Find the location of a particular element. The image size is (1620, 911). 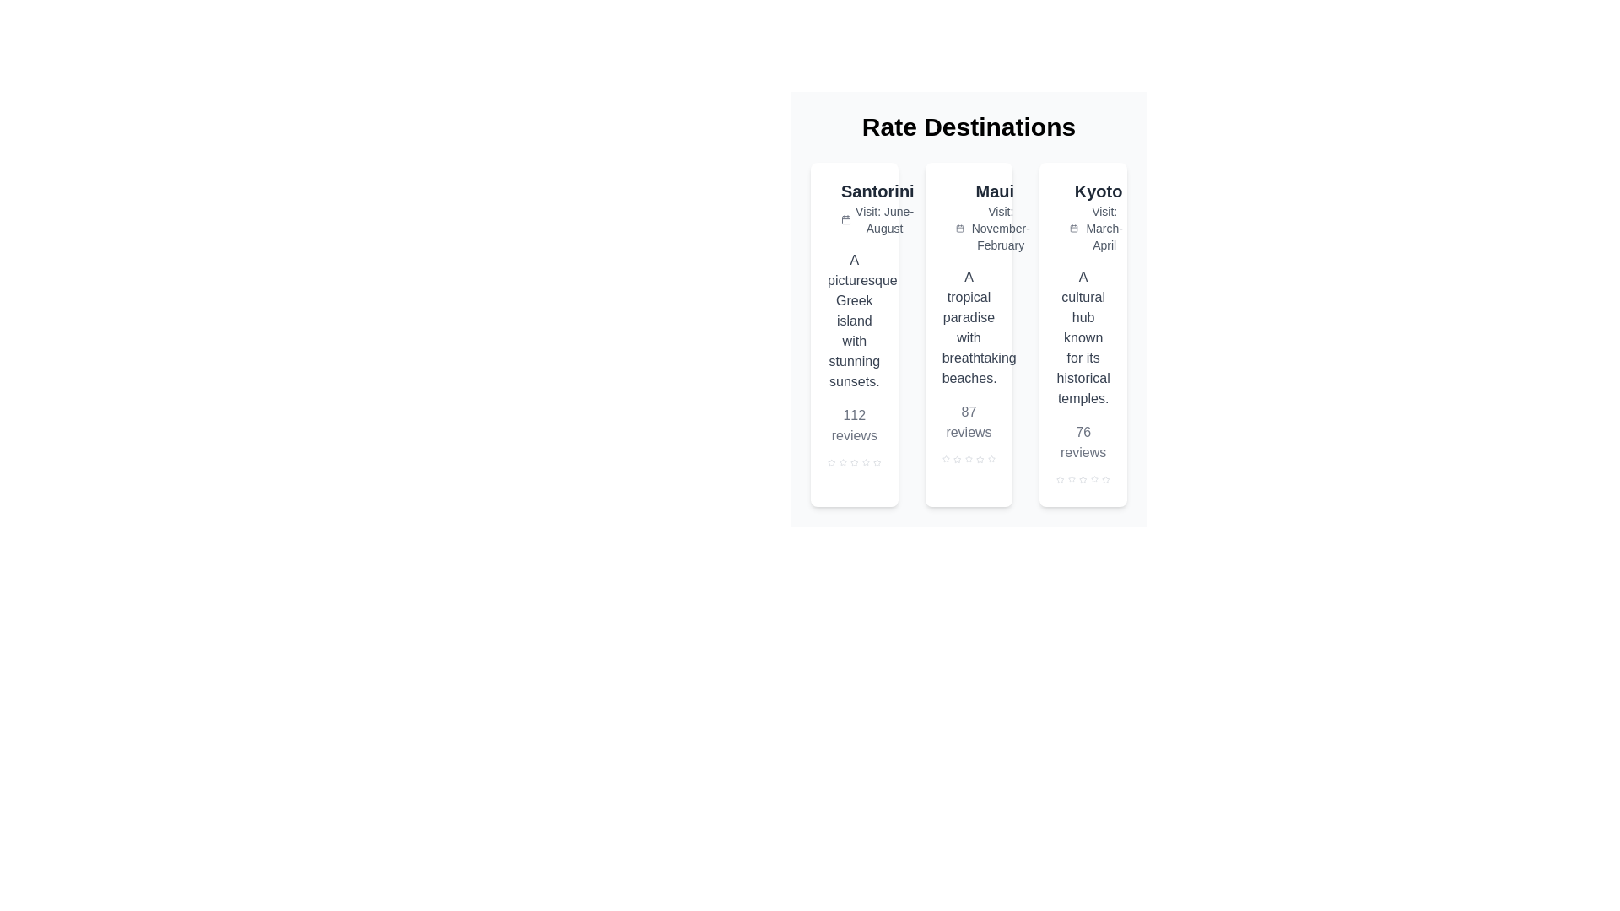

the Destination summary card for 'Santorini', which is the first card in a row of three, located in the leftmost column of the grid layout is located at coordinates (854, 335).